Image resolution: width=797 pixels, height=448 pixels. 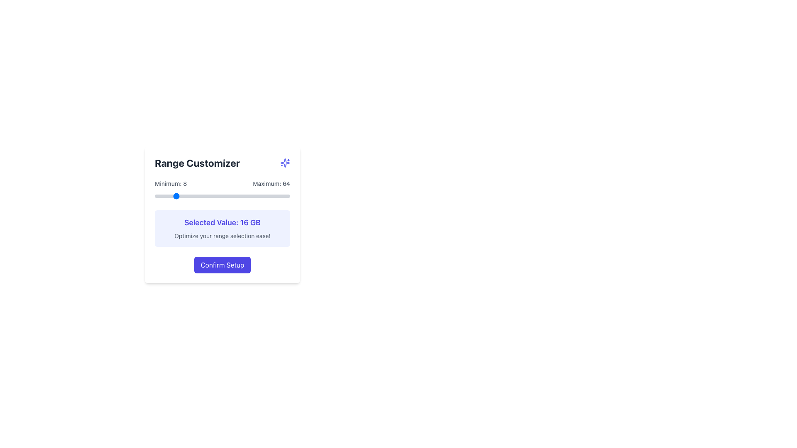 What do you see at coordinates (222, 265) in the screenshot?
I see `the 'Confirm Setup' button, which is a rectangular button with rounded corners and an indigo background` at bounding box center [222, 265].